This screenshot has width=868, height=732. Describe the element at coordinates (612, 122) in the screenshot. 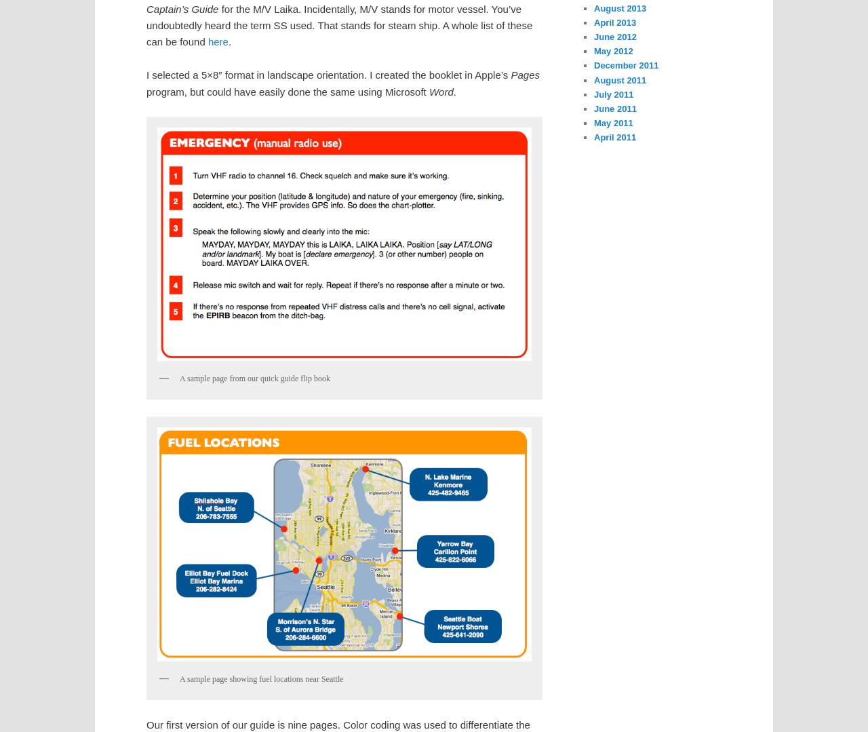

I see `'May 2011'` at that location.